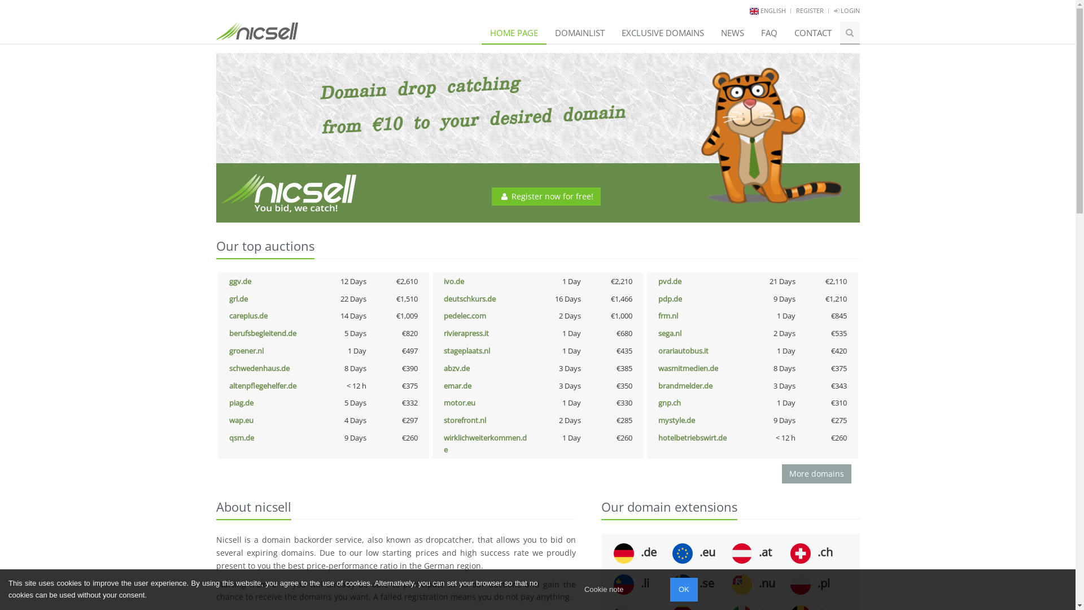 The height and width of the screenshot is (610, 1084). Describe the element at coordinates (262, 385) in the screenshot. I see `'altenpflegehelfer.de'` at that location.